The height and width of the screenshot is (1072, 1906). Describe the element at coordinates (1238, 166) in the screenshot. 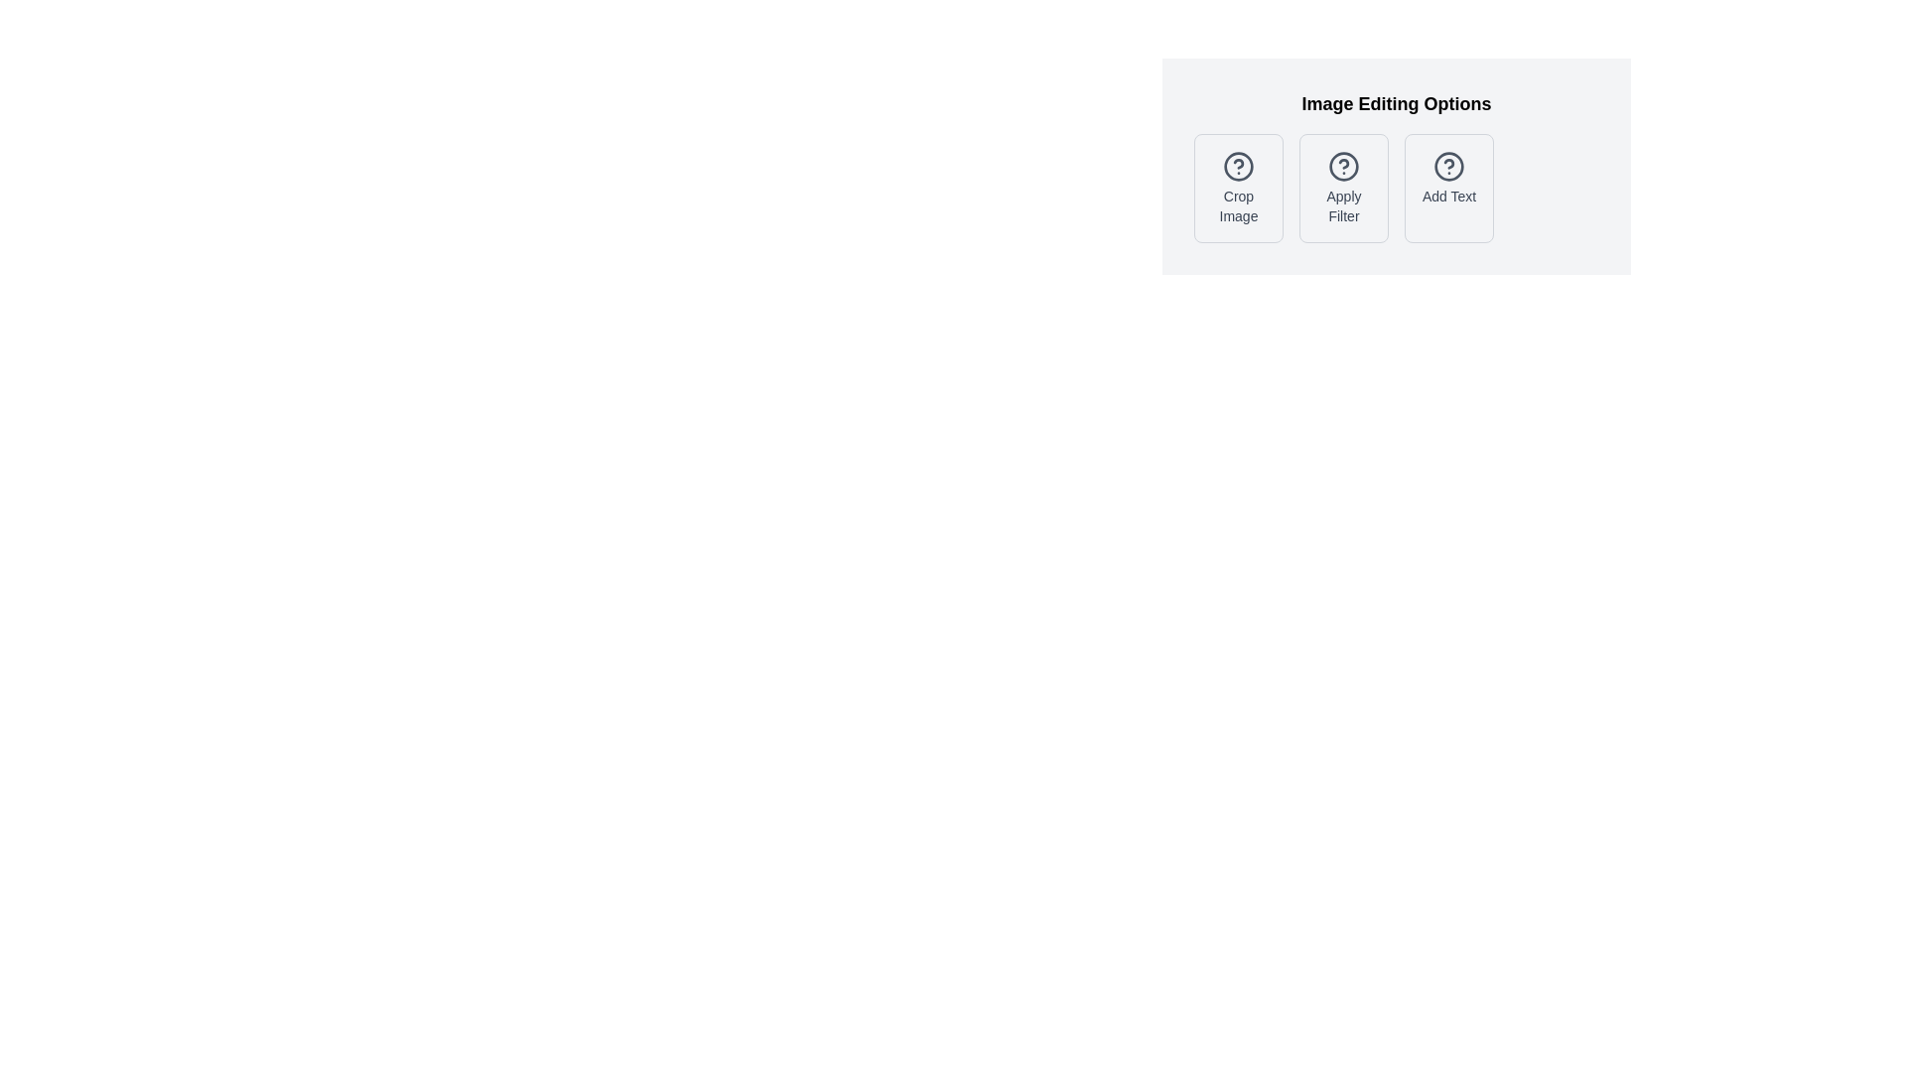

I see `the 'Crop Image' button which contains the vector graphic of concentric circles` at that location.